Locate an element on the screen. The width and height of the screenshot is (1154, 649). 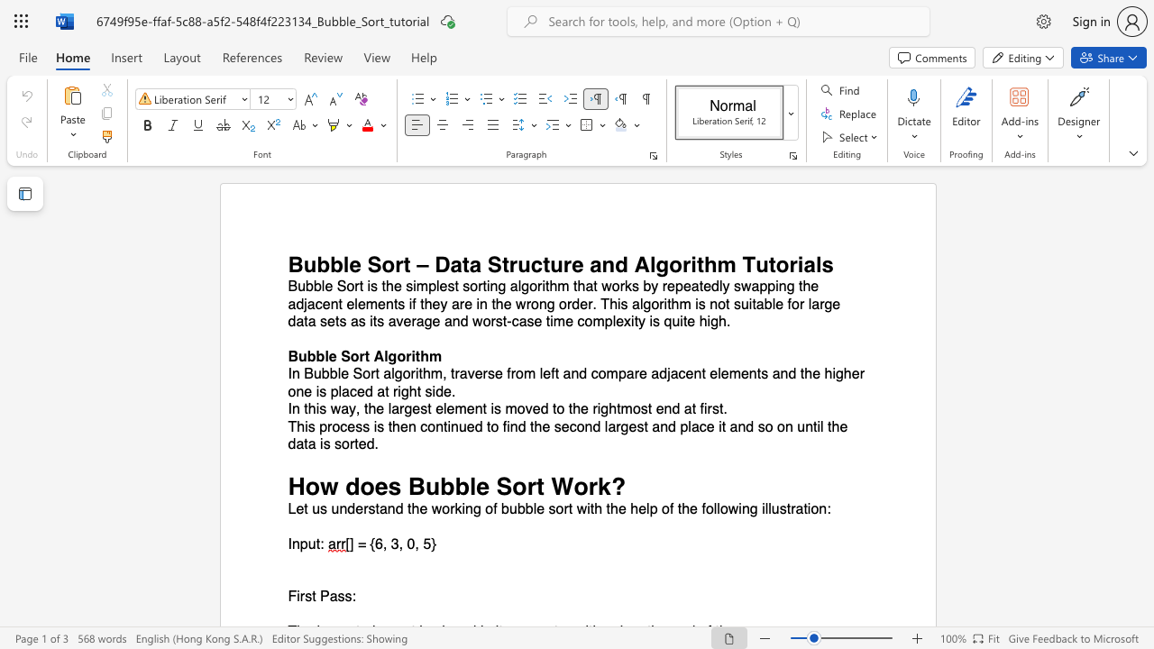
the 4th character "h" in the text is located at coordinates (612, 409).